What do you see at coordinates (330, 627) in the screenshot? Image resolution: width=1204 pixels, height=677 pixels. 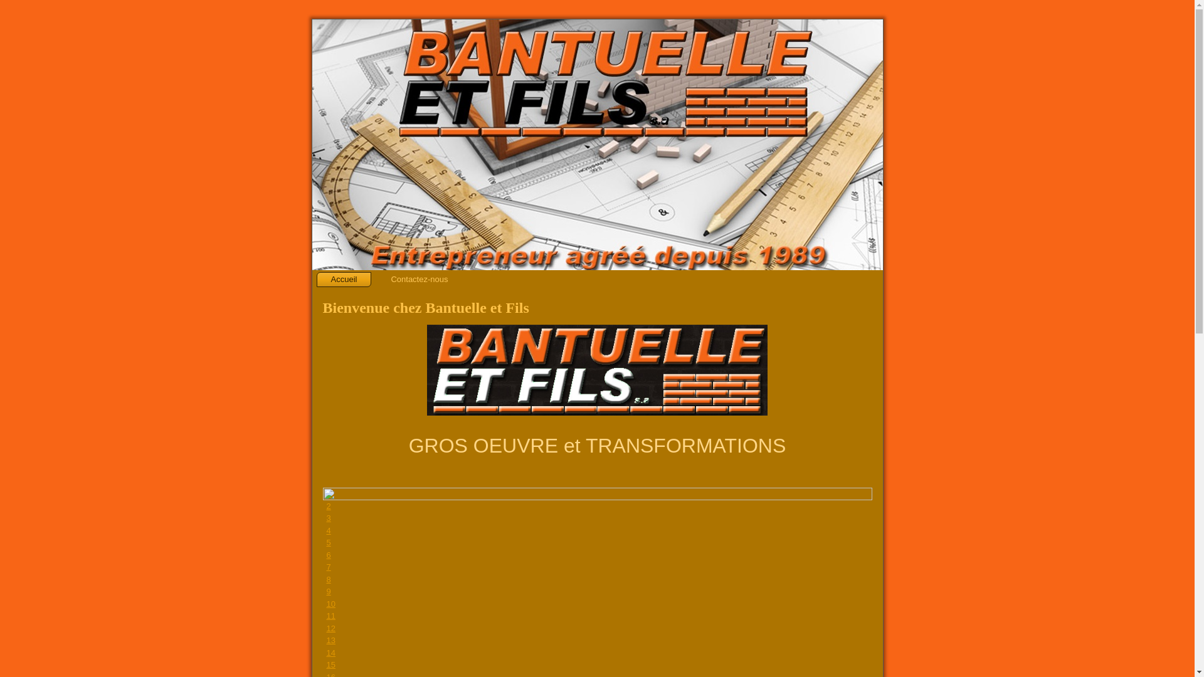 I see `'12'` at bounding box center [330, 627].